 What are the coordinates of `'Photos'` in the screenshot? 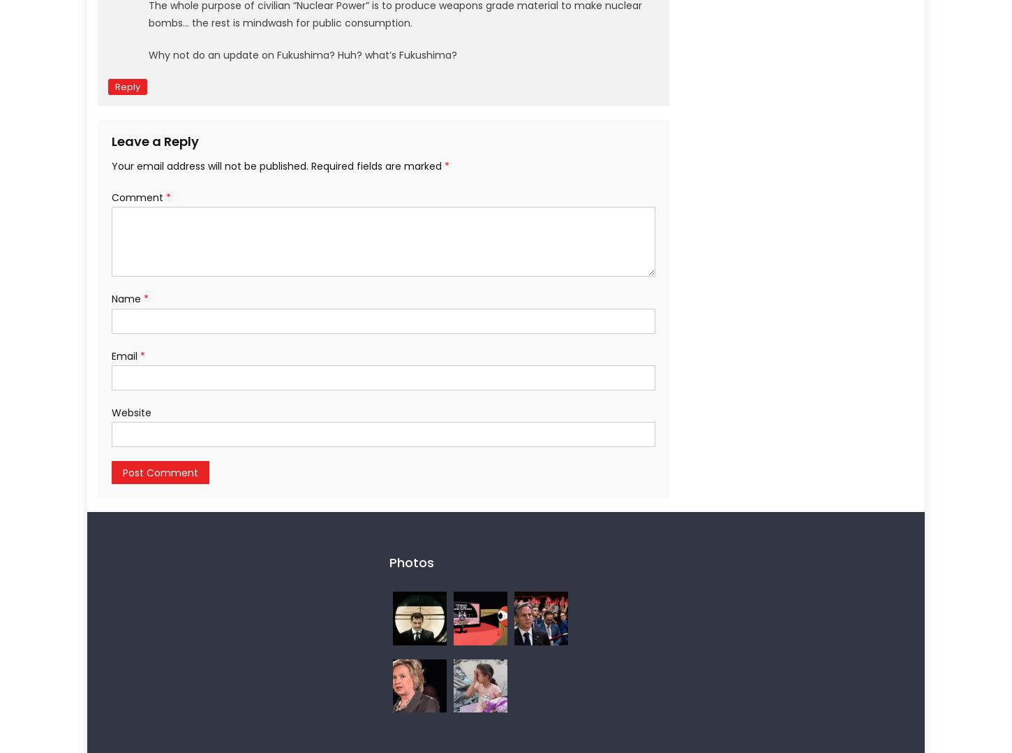 It's located at (412, 561).